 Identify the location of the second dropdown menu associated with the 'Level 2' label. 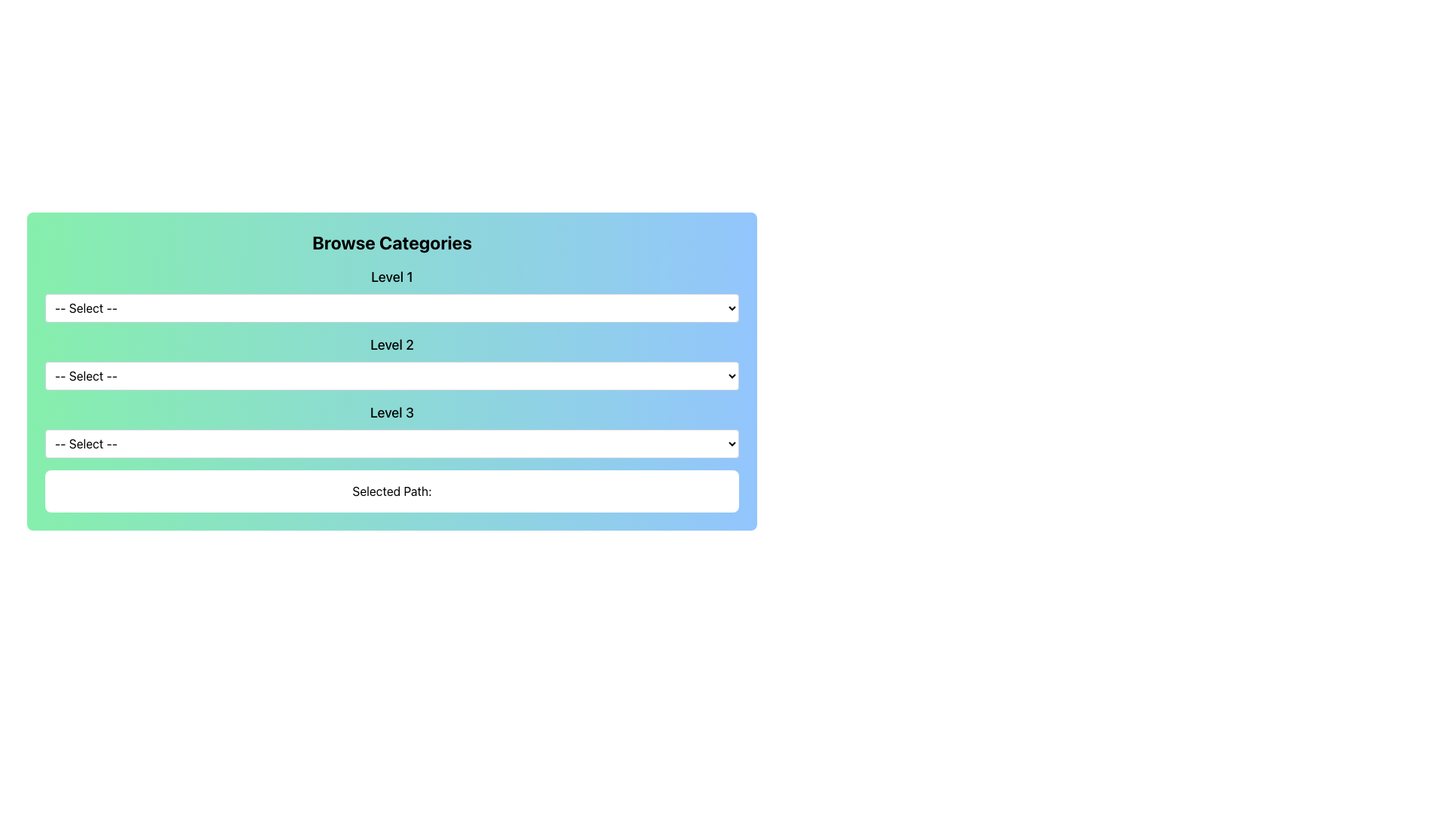
(391, 363).